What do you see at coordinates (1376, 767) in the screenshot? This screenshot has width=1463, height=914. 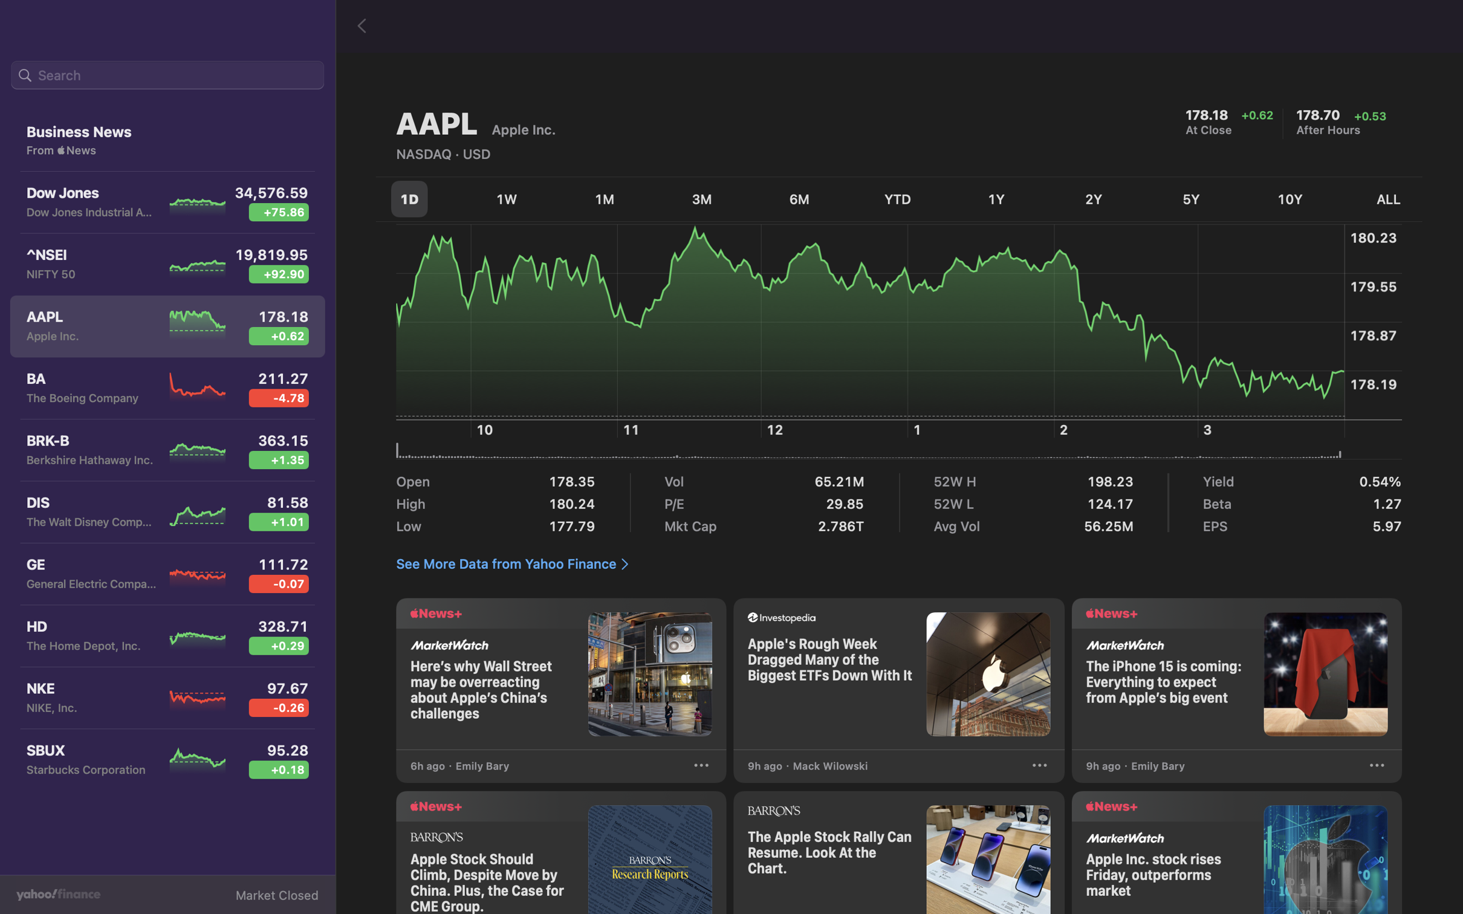 I see `Press on the "3 dots" for further actions` at bounding box center [1376, 767].